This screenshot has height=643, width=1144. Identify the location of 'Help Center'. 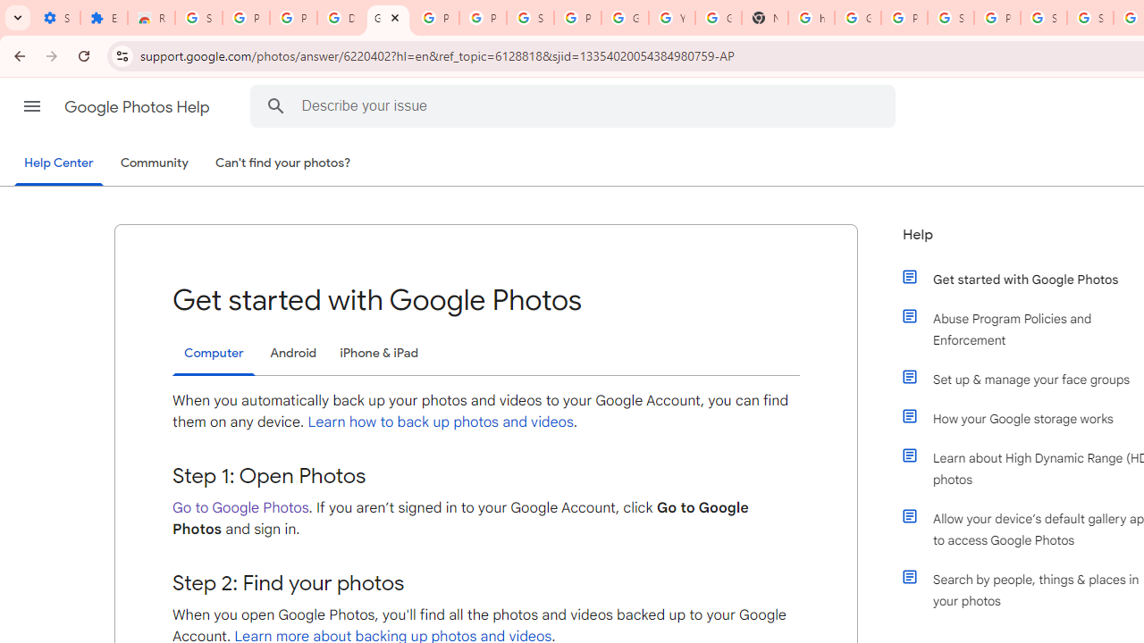
(58, 163).